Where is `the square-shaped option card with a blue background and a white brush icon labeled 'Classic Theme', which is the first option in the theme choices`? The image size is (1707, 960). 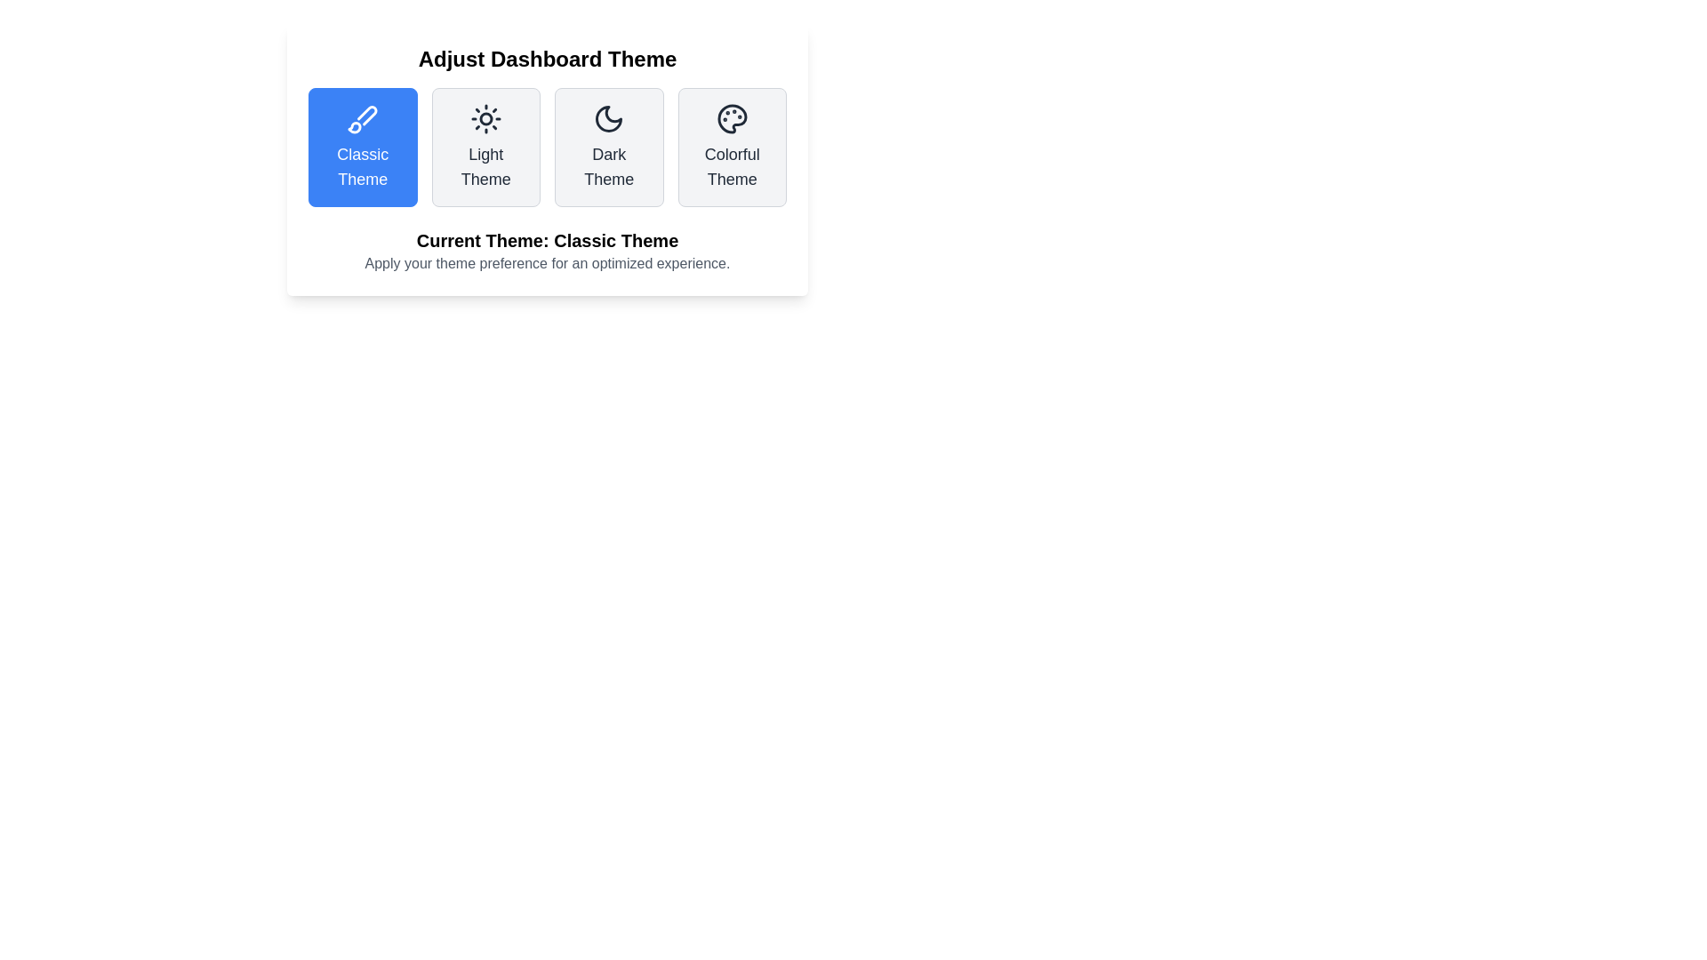 the square-shaped option card with a blue background and a white brush icon labeled 'Classic Theme', which is the first option in the theme choices is located at coordinates (362, 146).